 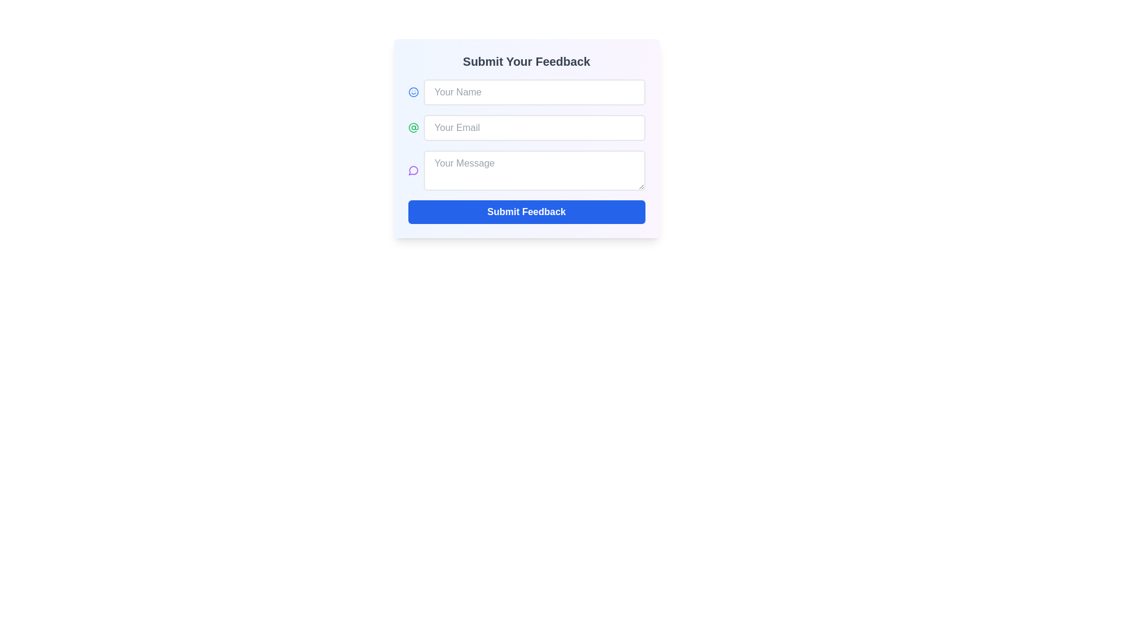 I want to click on the graphical icon that represents an email address, located to the left of the 'Your Email' input field in the second row of the form, so click(x=413, y=128).